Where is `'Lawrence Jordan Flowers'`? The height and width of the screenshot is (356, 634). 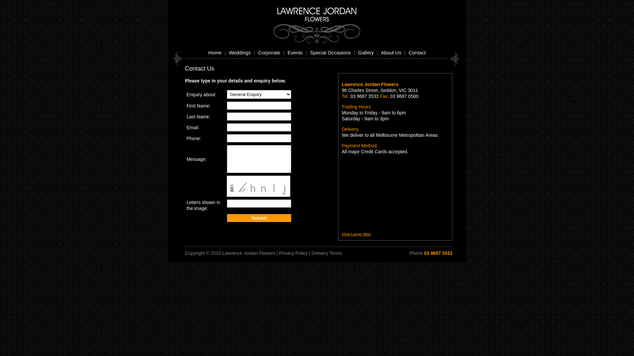 'Lawrence Jordan Flowers' is located at coordinates (320, 20).